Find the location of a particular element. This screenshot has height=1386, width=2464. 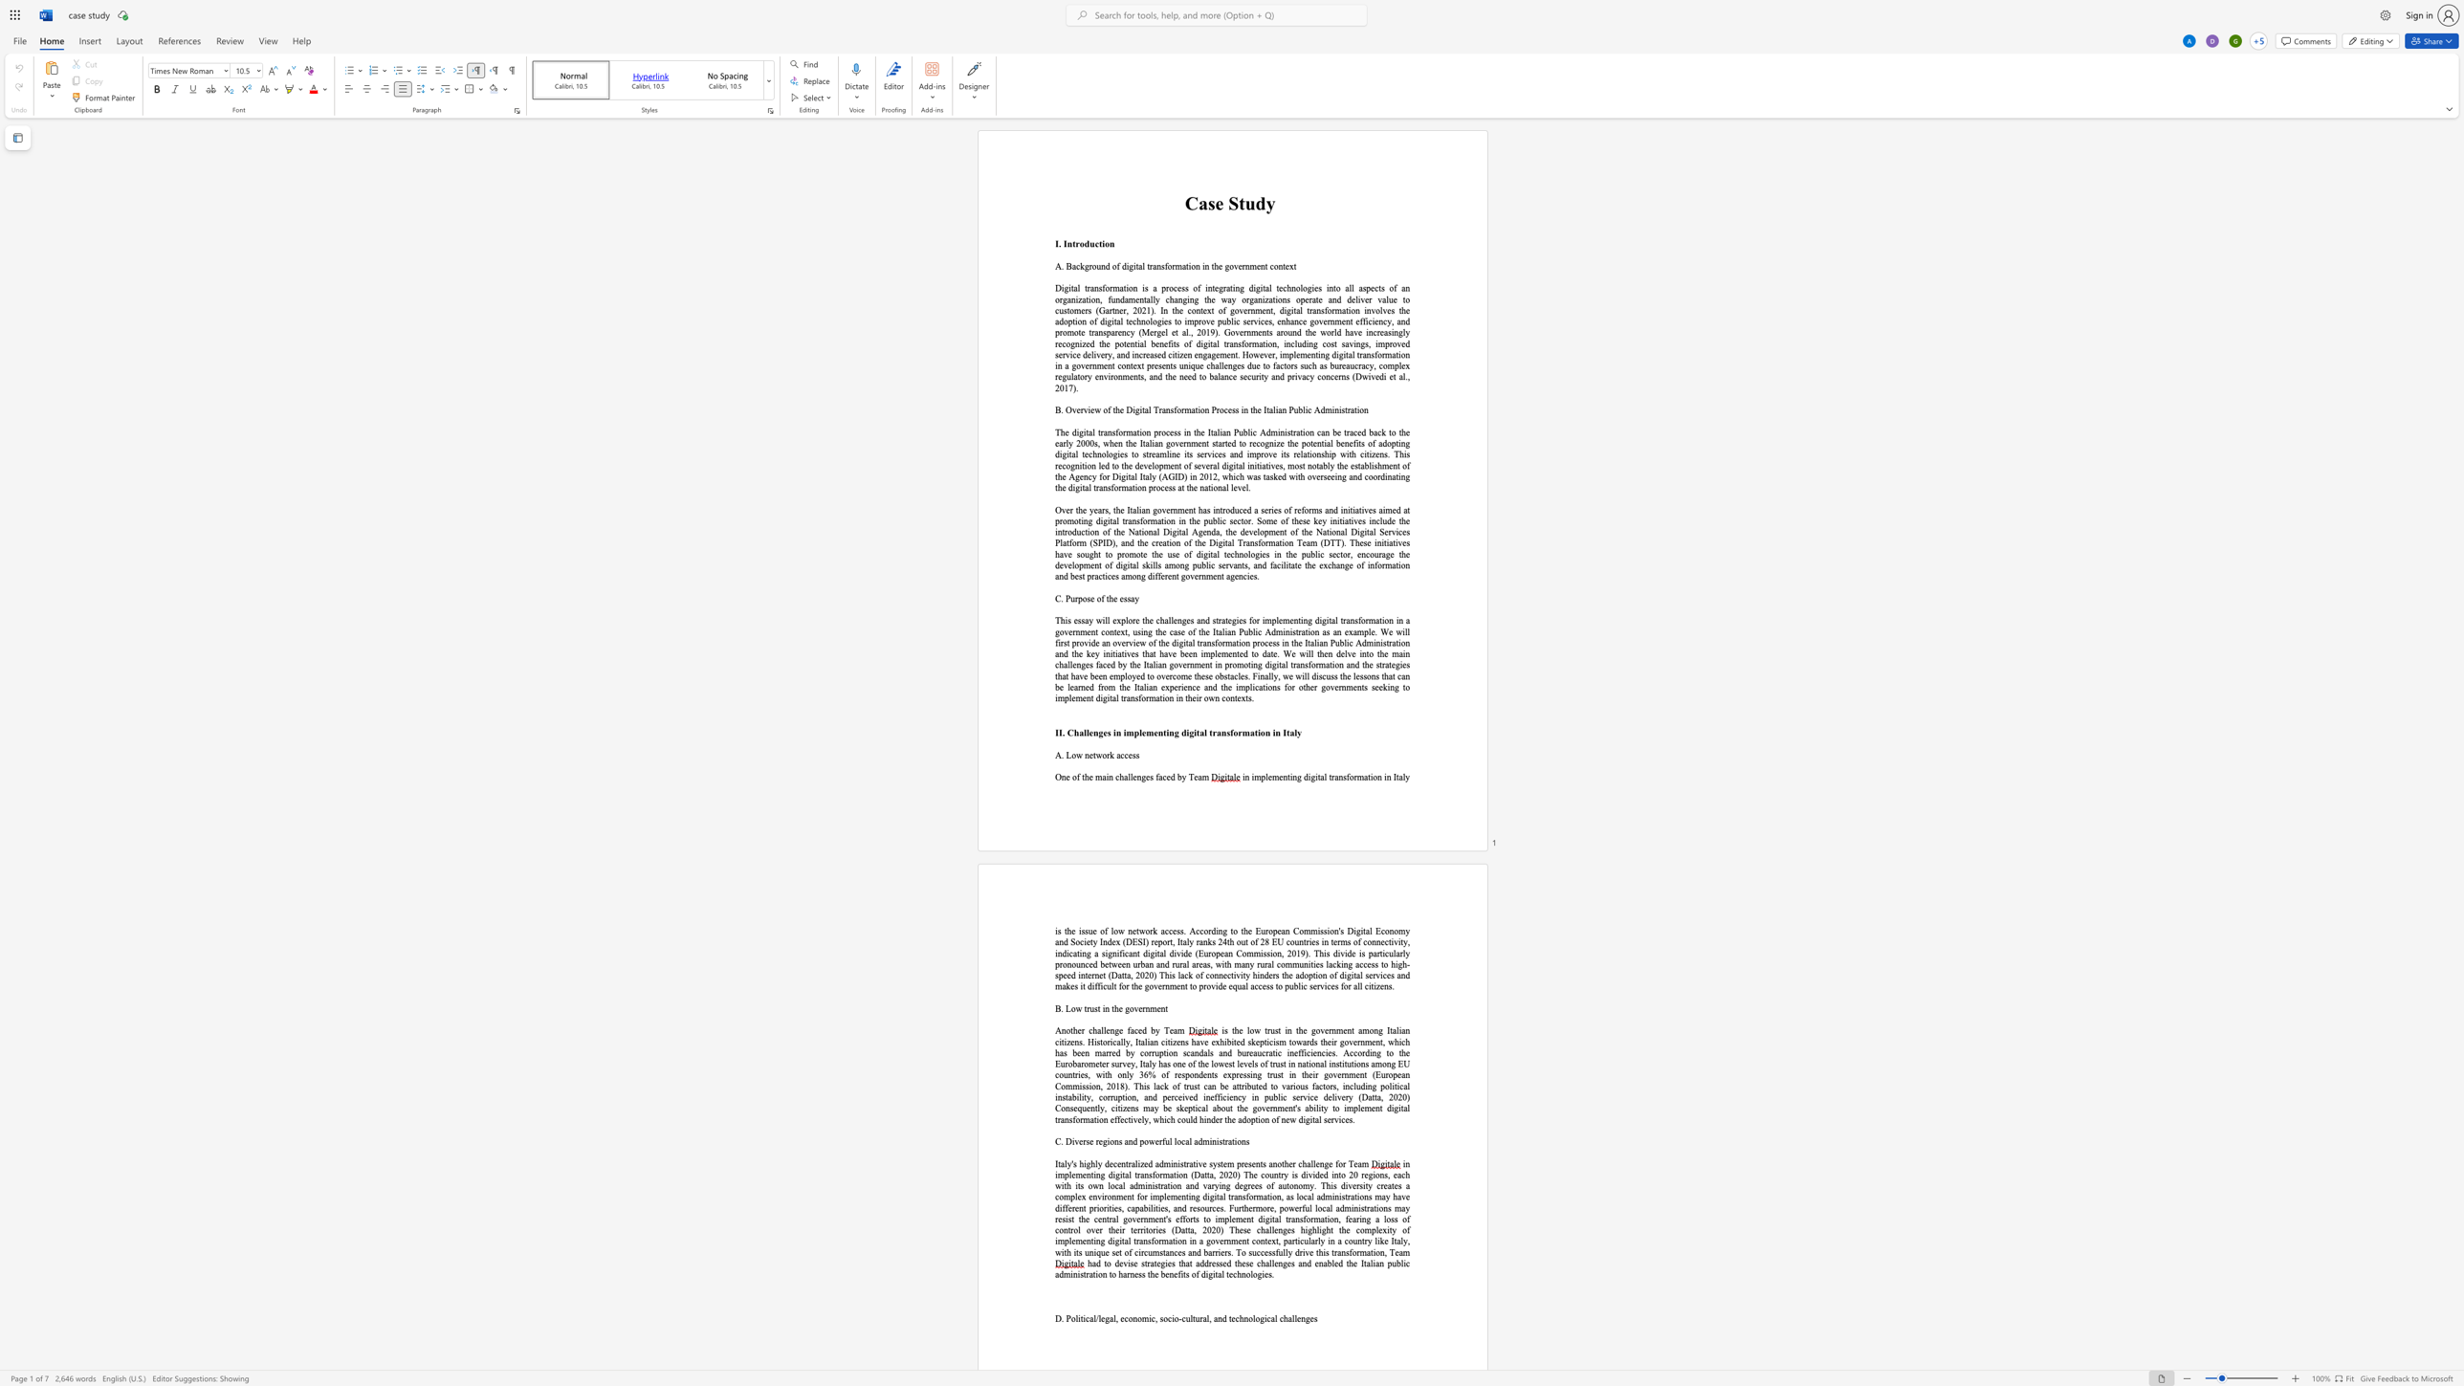

the space between the continuous character "l" and "d" in the text is located at coordinates (1336, 332).